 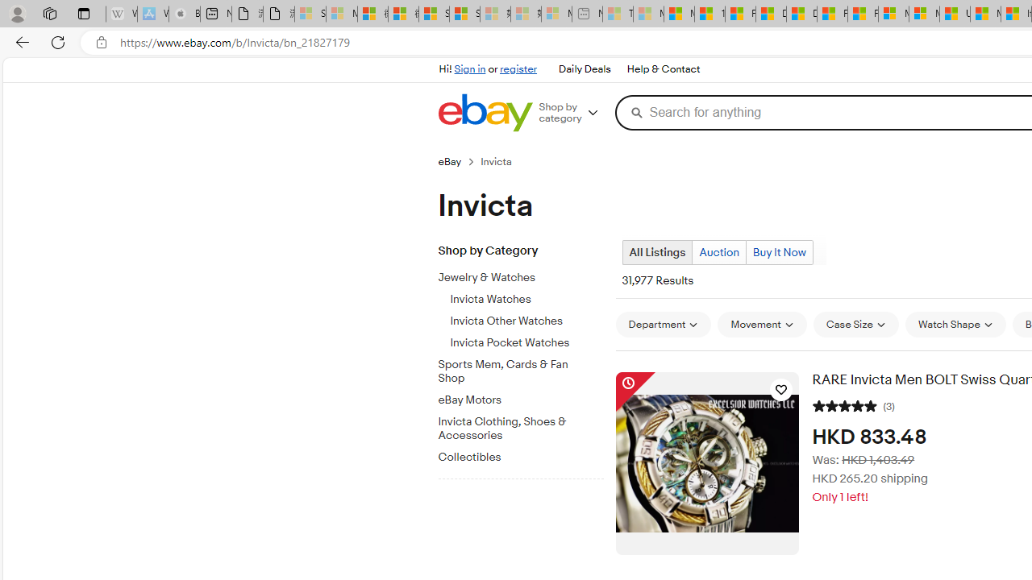 What do you see at coordinates (955, 324) in the screenshot?
I see `'Watch Shape'` at bounding box center [955, 324].